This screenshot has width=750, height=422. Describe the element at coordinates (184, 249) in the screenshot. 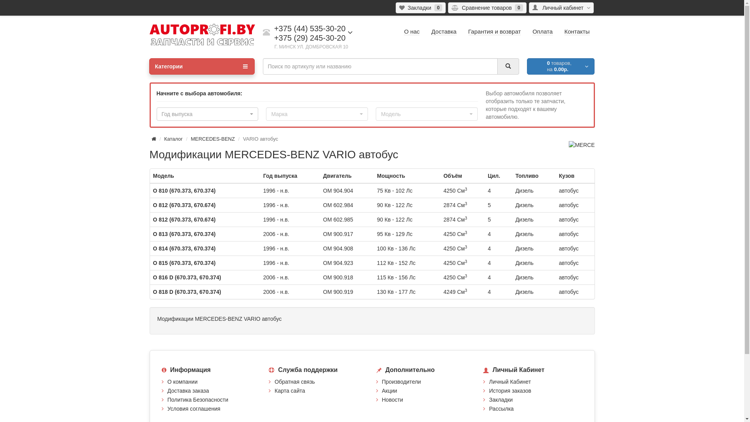

I see `'O 814 (670.373, 670.374)'` at that location.